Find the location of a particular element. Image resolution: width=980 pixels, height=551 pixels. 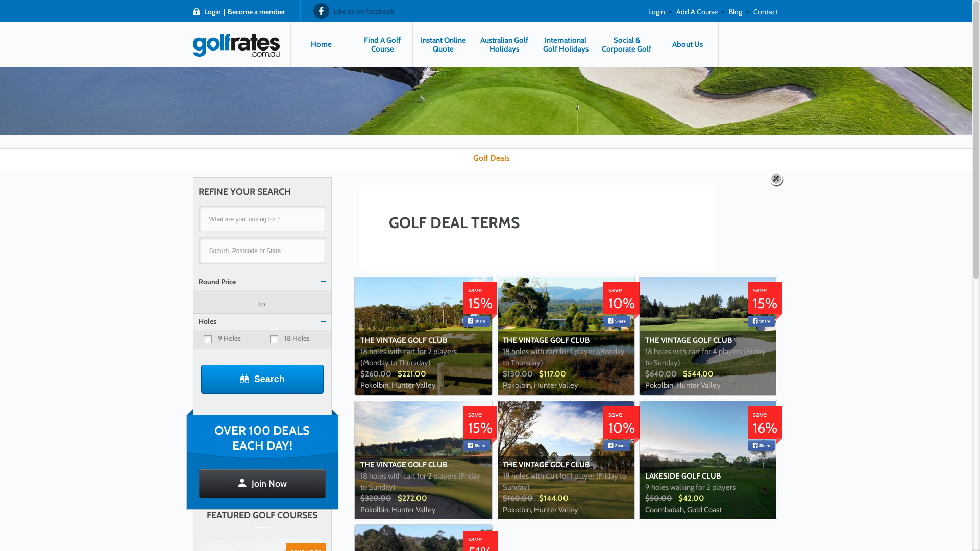

'Contact' is located at coordinates (765, 10).